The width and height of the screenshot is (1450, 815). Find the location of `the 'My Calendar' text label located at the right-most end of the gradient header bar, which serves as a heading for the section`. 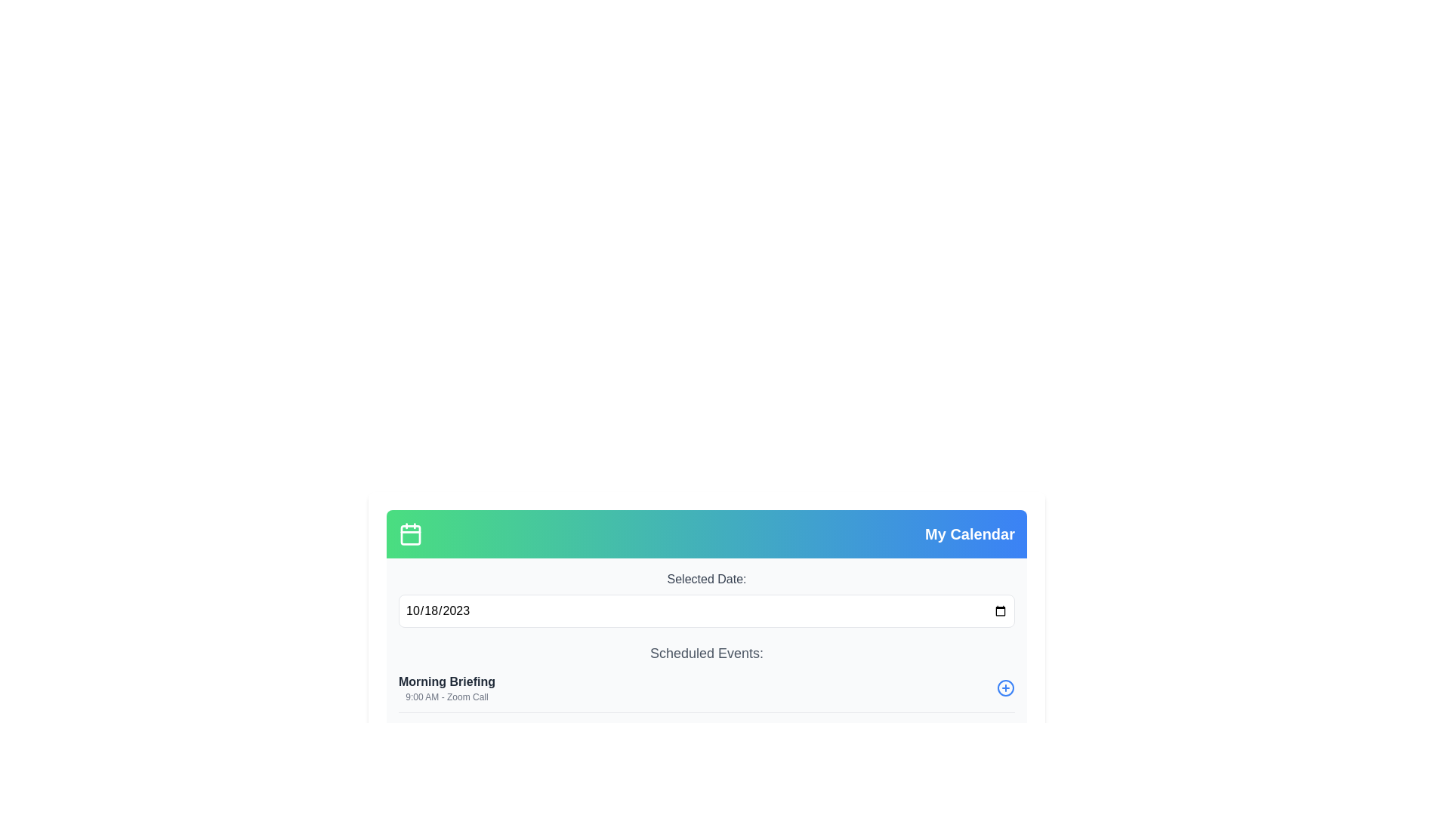

the 'My Calendar' text label located at the right-most end of the gradient header bar, which serves as a heading for the section is located at coordinates (970, 534).